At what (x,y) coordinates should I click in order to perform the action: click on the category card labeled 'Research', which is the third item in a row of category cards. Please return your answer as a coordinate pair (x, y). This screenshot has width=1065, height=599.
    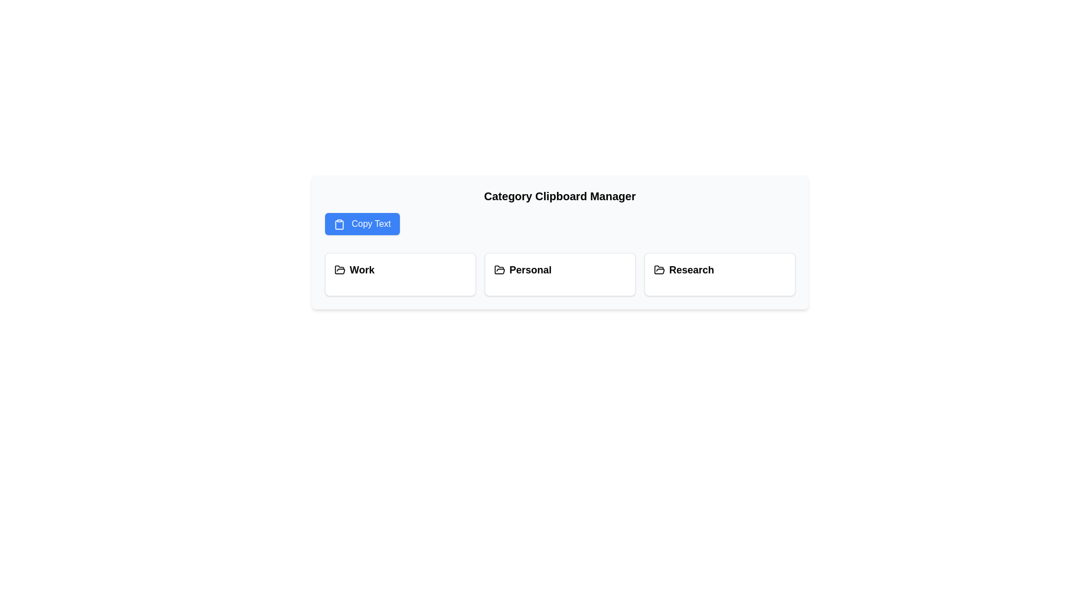
    Looking at the image, I should click on (719, 270).